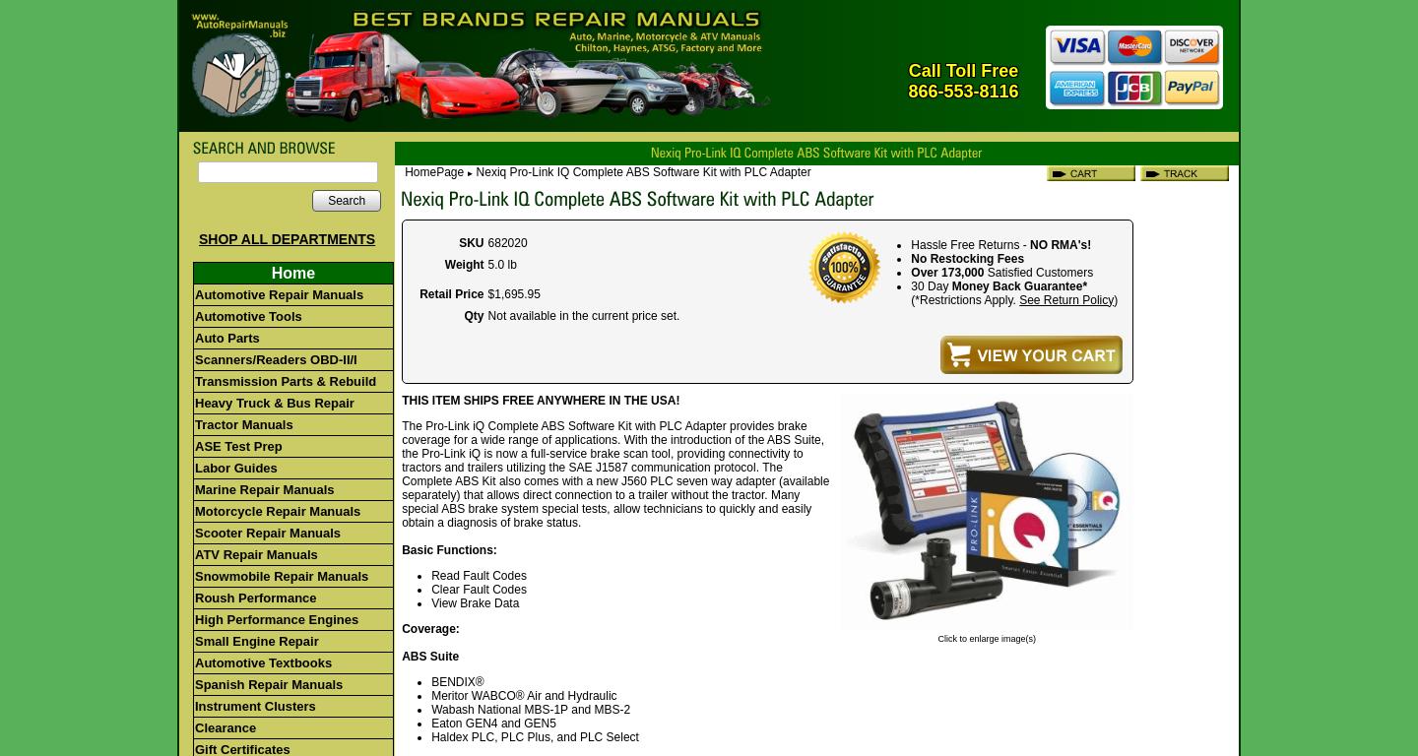  I want to click on 'Retail Price', so click(451, 292).